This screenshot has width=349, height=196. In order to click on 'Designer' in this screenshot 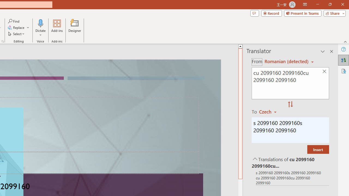, I will do `click(74, 28)`.